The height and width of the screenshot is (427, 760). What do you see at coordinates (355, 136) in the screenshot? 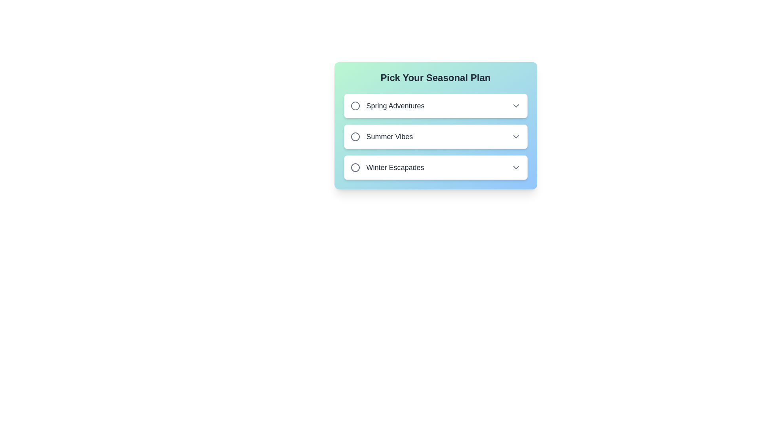
I see `the radio button located to the left of the text 'Summer Vibes'` at bounding box center [355, 136].